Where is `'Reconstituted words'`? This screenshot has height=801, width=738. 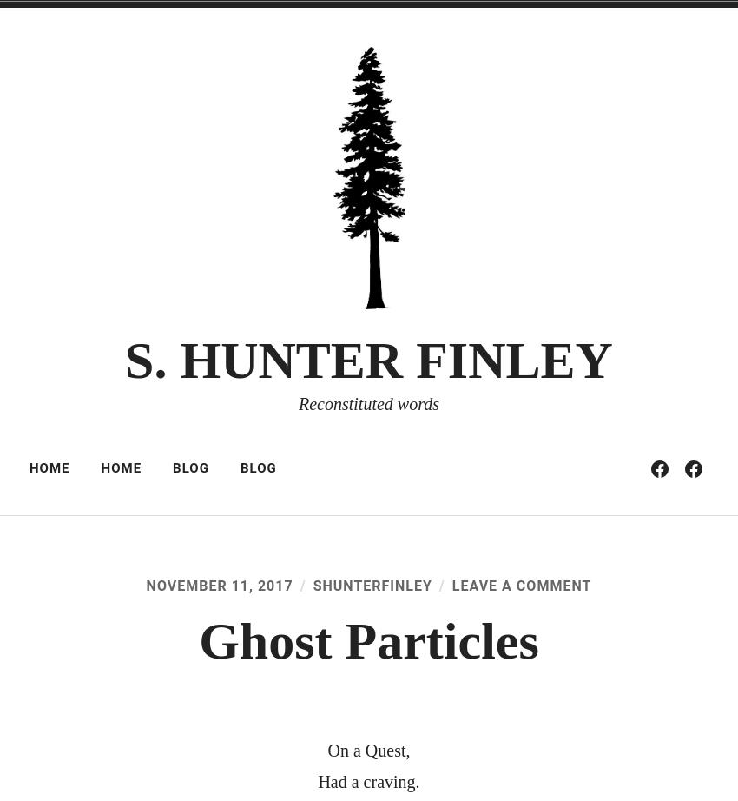 'Reconstituted words' is located at coordinates (296, 403).